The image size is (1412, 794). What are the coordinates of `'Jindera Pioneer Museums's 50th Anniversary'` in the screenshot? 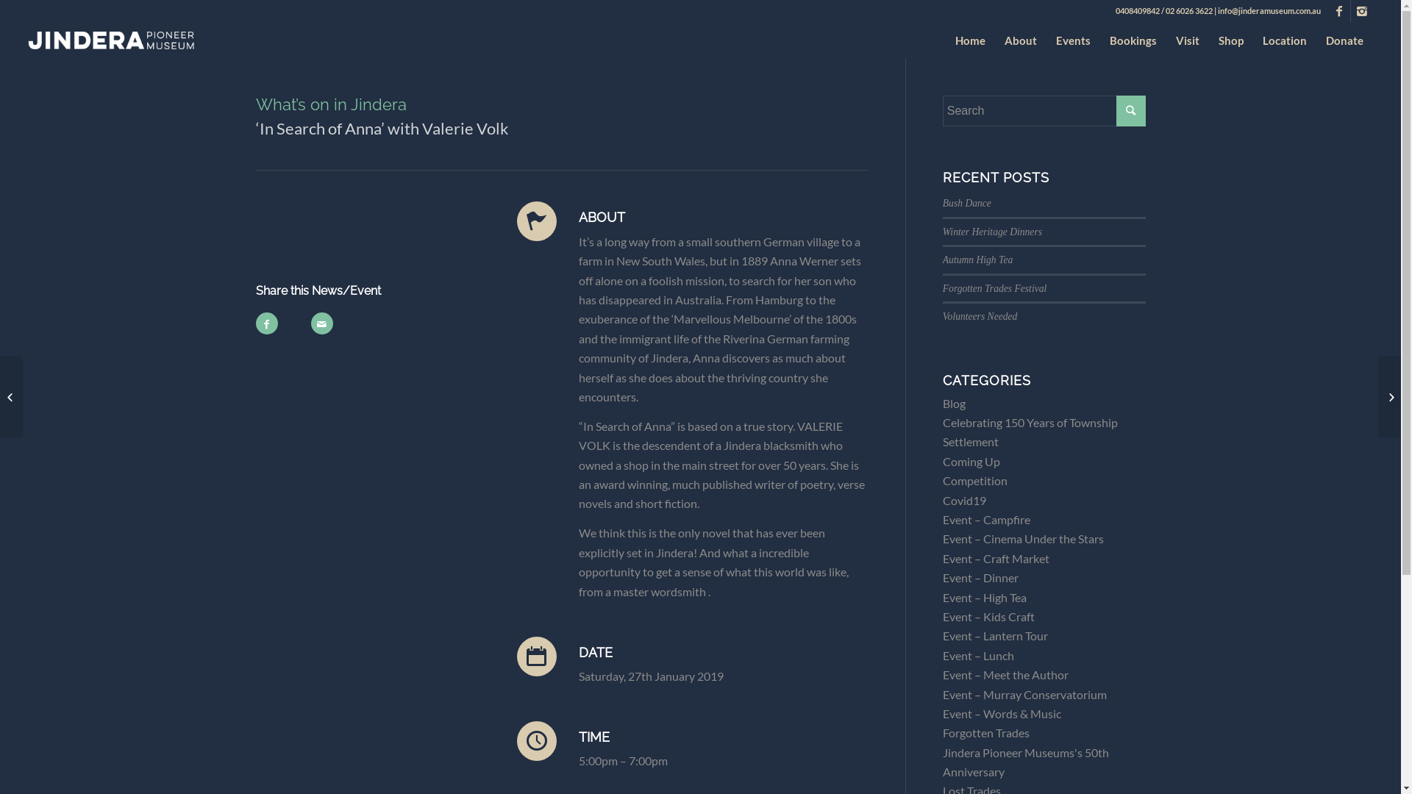 It's located at (942, 761).